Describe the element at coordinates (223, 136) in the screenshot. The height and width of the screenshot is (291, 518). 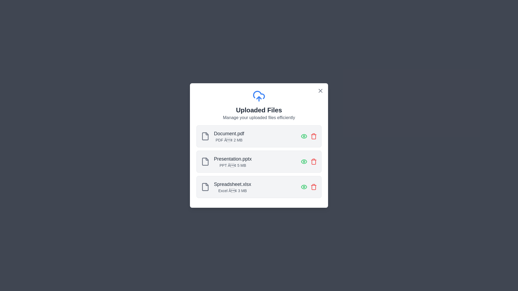
I see `the File summary display element, which represents the first file in the uploaded files list, showing its name, type, and size` at that location.